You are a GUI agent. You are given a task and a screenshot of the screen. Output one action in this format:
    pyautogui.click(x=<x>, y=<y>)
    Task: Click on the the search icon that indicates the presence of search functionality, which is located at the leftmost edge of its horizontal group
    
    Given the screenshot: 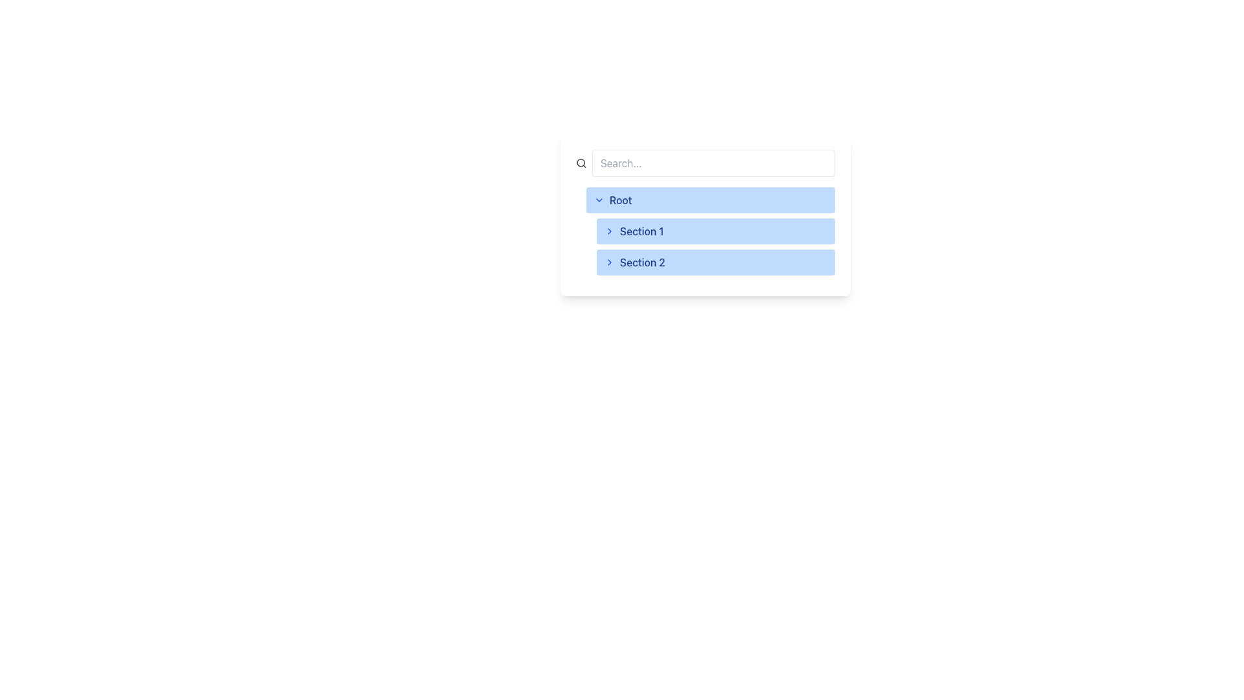 What is the action you would take?
    pyautogui.click(x=581, y=162)
    